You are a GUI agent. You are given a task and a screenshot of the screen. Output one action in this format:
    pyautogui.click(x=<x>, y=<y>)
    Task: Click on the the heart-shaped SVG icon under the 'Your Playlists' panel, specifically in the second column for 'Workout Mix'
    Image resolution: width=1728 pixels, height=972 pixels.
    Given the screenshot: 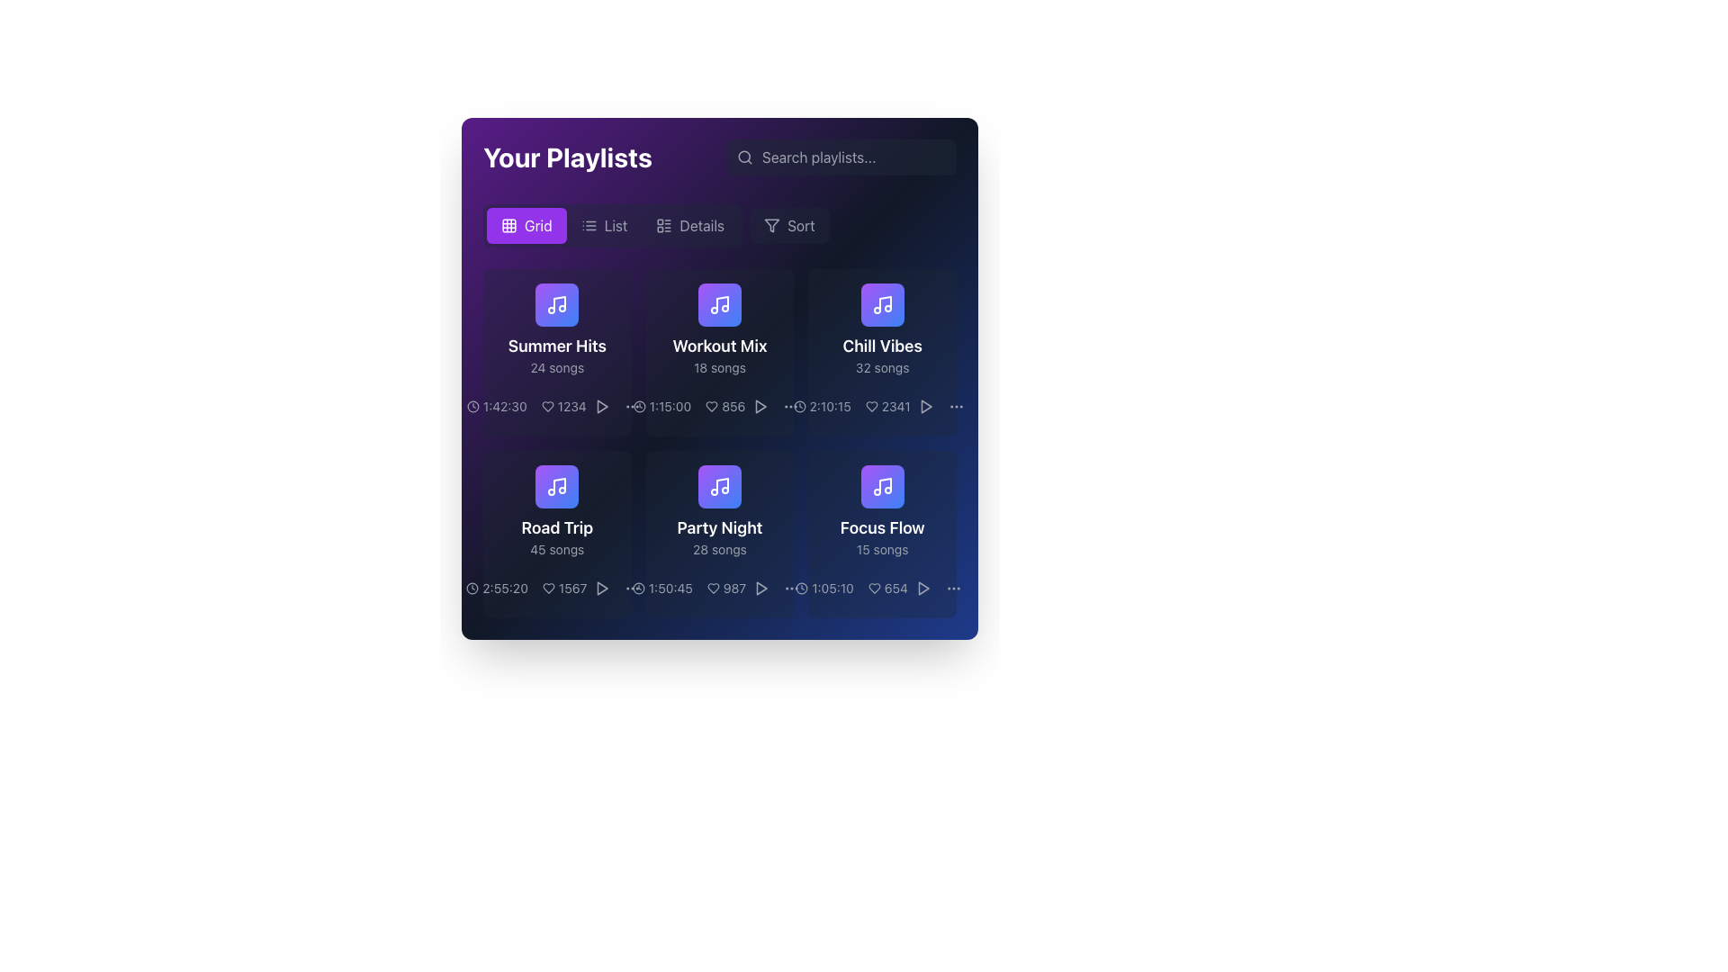 What is the action you would take?
    pyautogui.click(x=711, y=406)
    